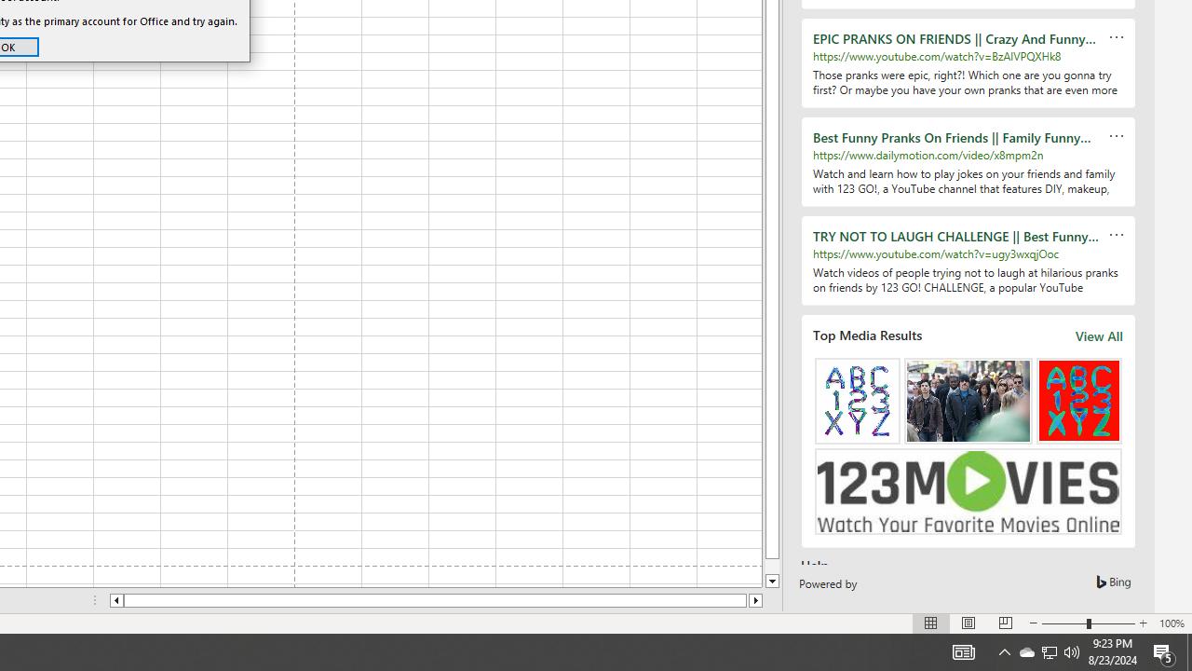 Image resolution: width=1192 pixels, height=671 pixels. What do you see at coordinates (931, 623) in the screenshot?
I see `'Normal'` at bounding box center [931, 623].